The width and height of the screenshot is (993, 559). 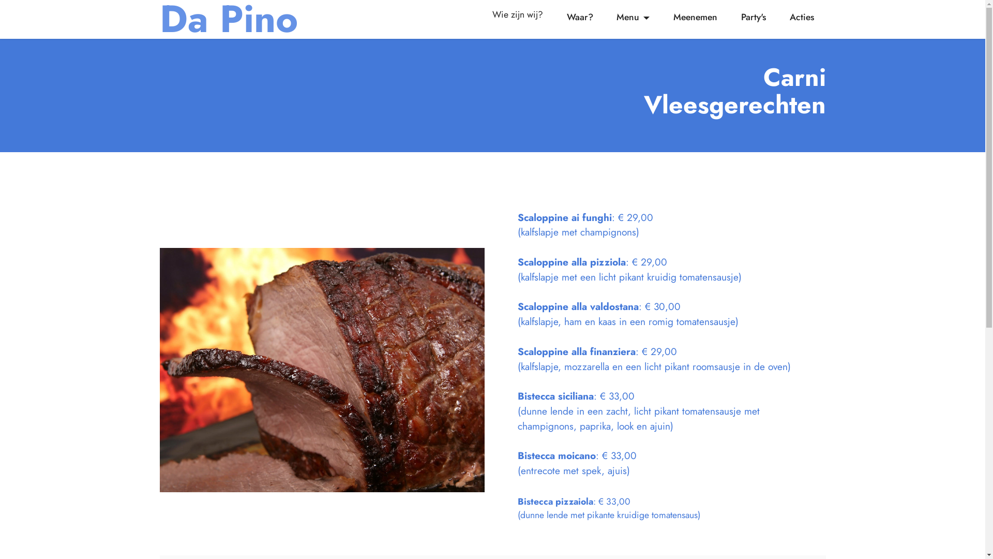 What do you see at coordinates (228, 19) in the screenshot?
I see `'Da Pino'` at bounding box center [228, 19].